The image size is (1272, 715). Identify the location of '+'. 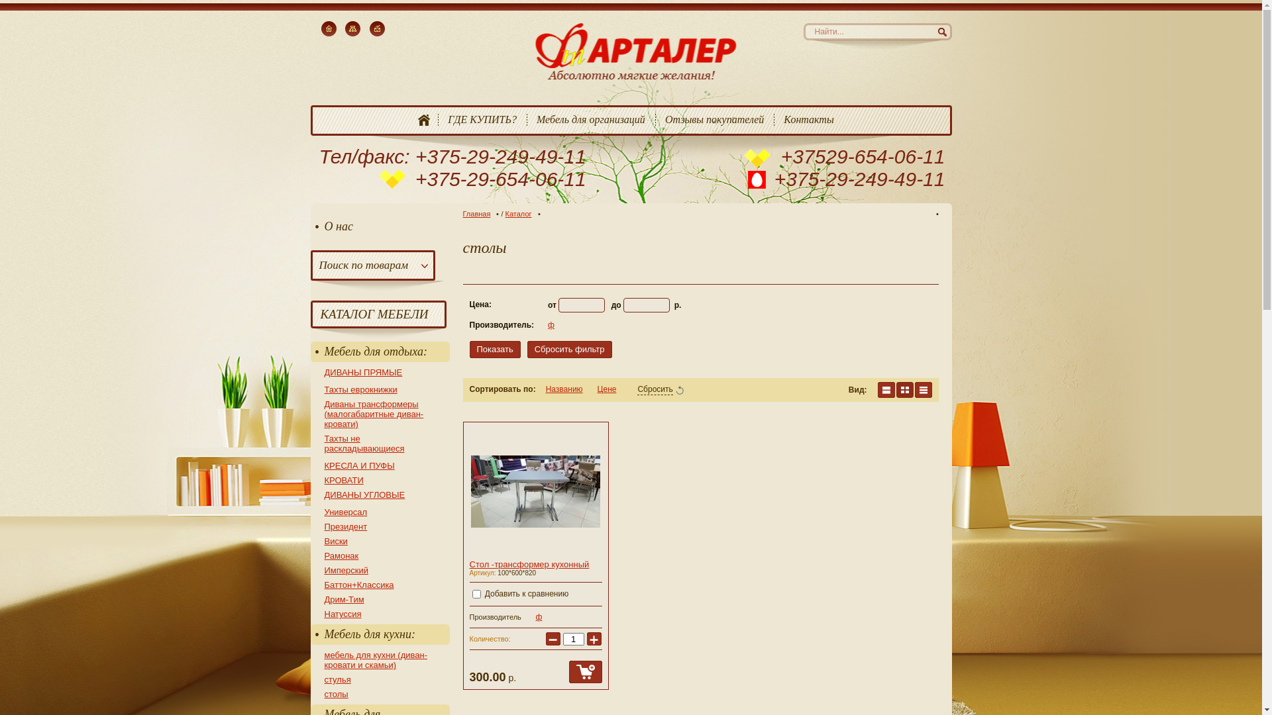
(586, 638).